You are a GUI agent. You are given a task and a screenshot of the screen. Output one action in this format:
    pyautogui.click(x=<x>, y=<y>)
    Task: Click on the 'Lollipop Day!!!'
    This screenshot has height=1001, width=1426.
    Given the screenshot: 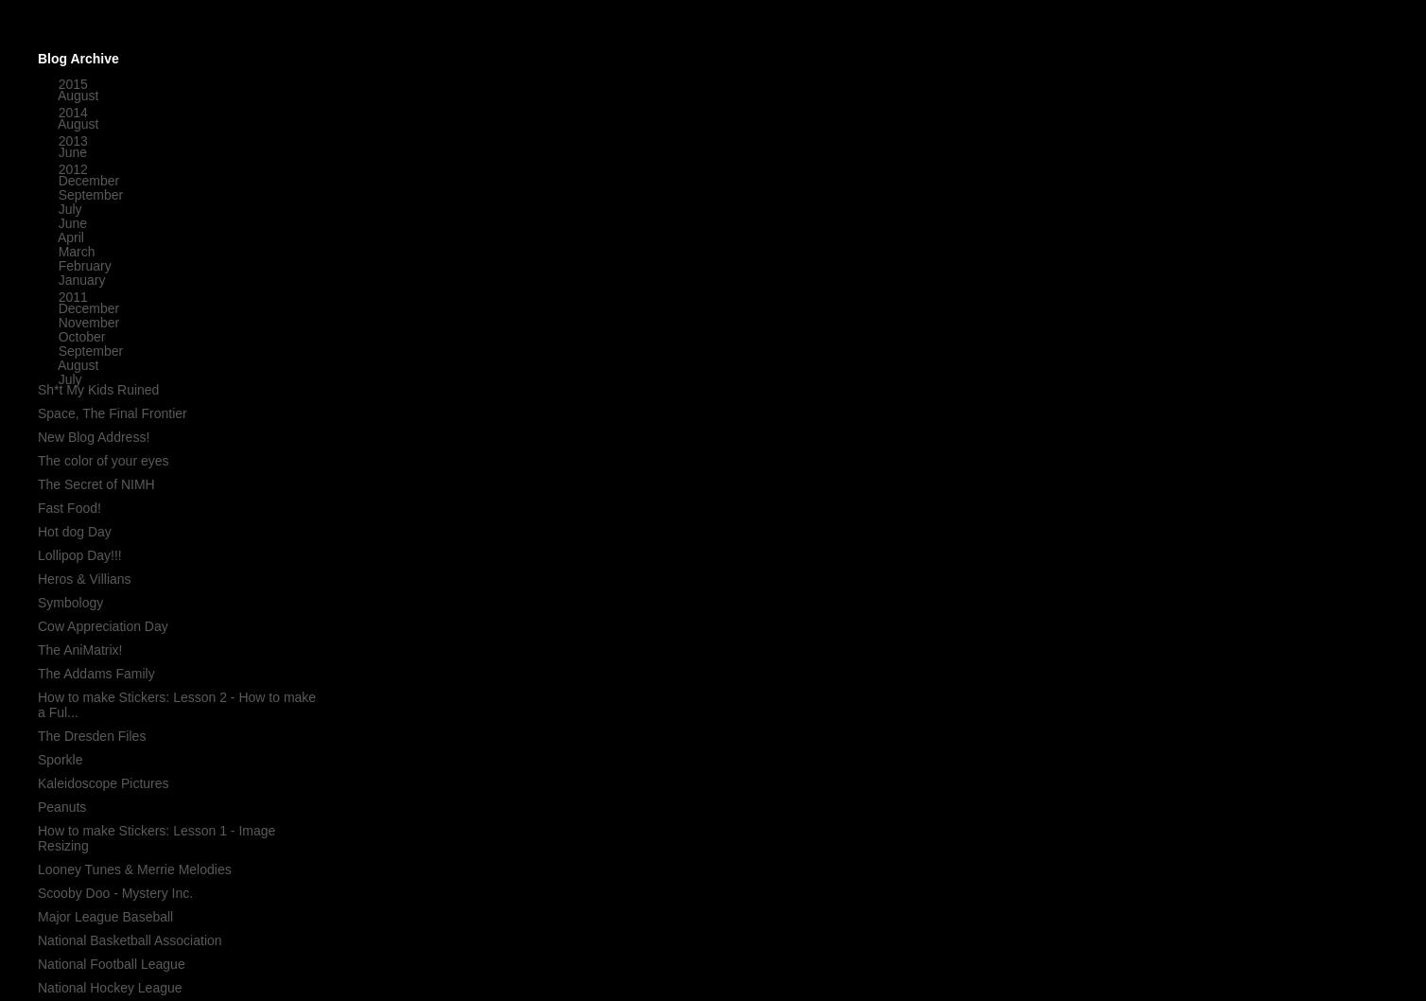 What is the action you would take?
    pyautogui.click(x=37, y=554)
    